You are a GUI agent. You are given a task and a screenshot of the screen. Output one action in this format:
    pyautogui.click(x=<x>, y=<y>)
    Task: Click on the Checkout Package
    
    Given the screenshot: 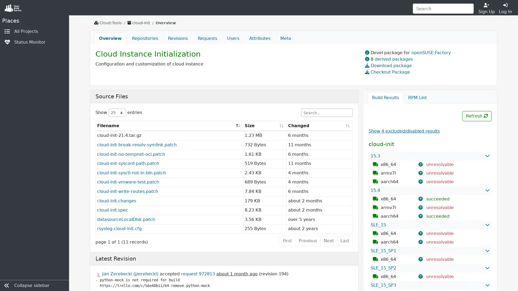 What is the action you would take?
    pyautogui.click(x=387, y=72)
    